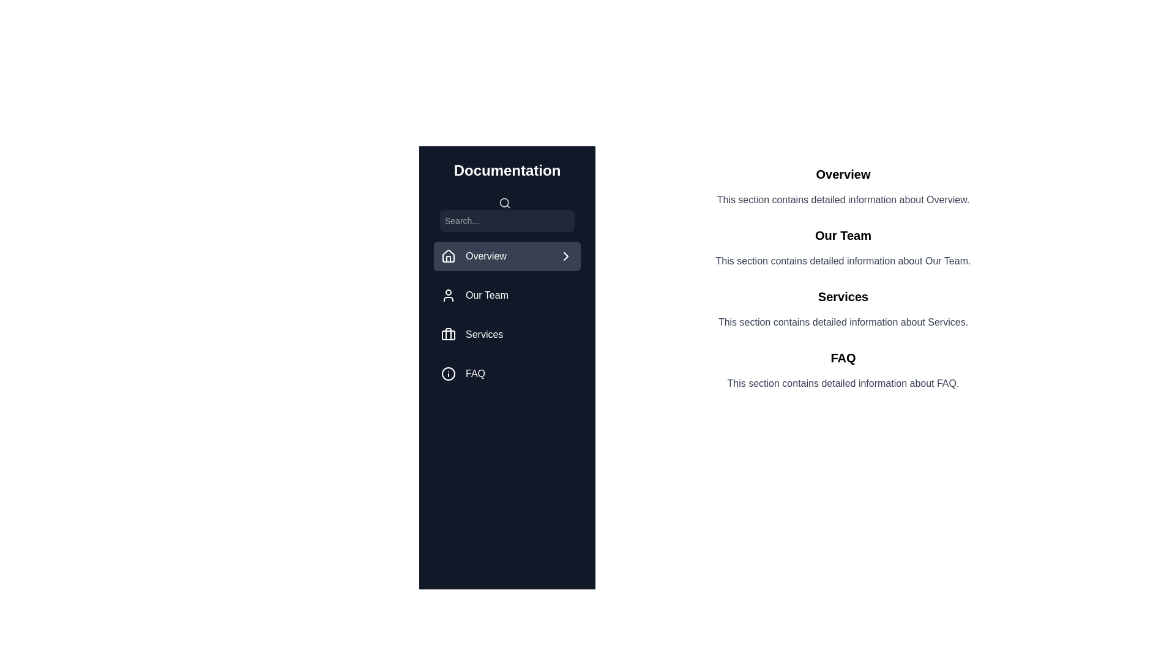  Describe the element at coordinates (507, 292) in the screenshot. I see `the second item in the sidebar navigation menu` at that location.